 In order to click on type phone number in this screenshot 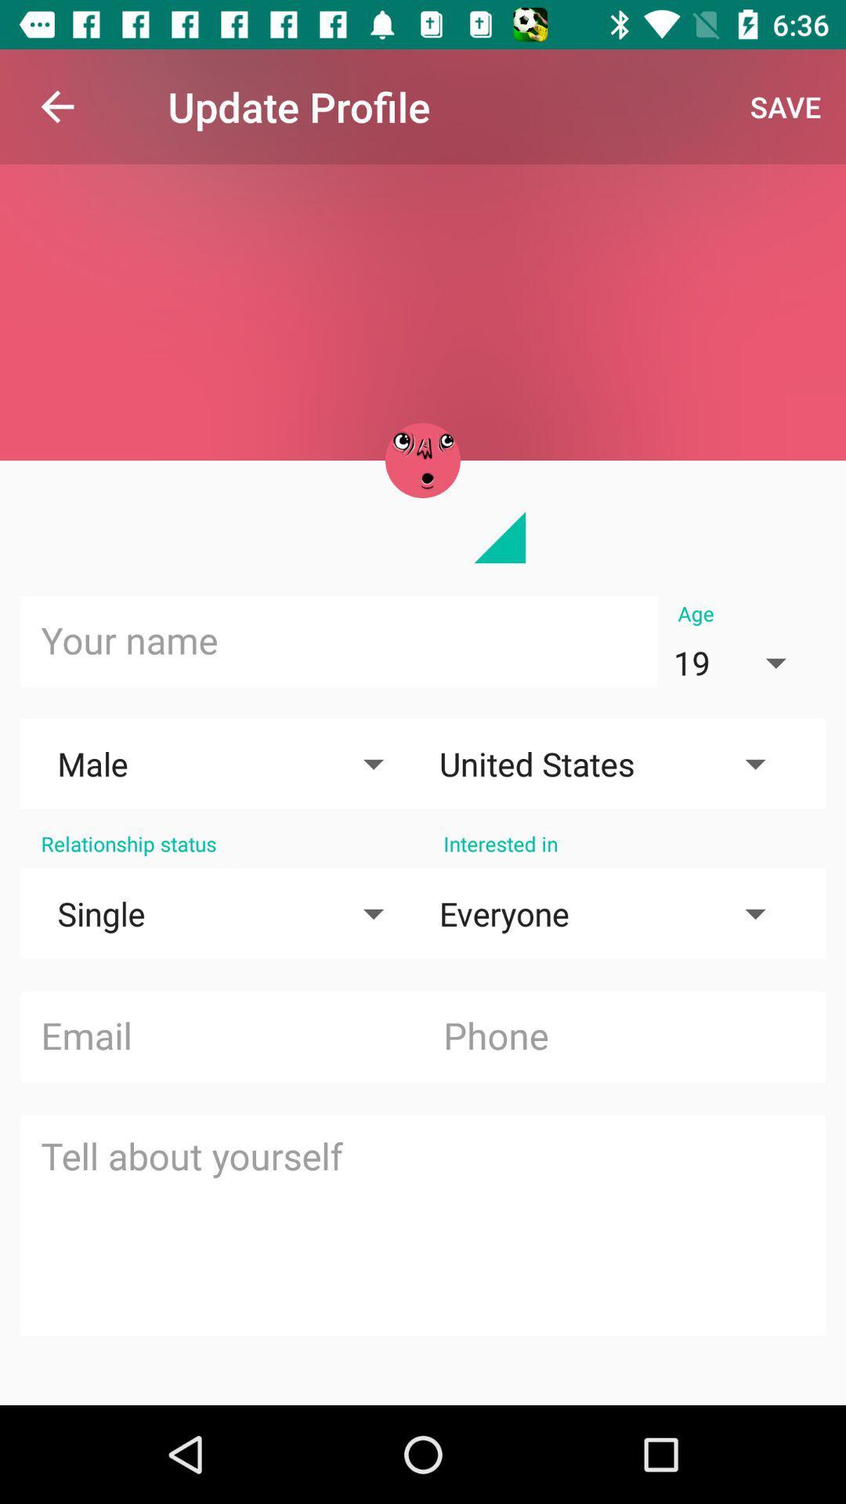, I will do `click(623, 1037)`.